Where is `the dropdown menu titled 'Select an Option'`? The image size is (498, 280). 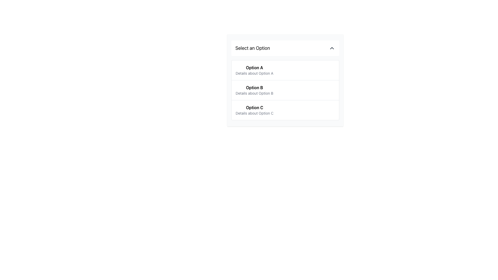 the dropdown menu titled 'Select an Option' is located at coordinates (285, 80).